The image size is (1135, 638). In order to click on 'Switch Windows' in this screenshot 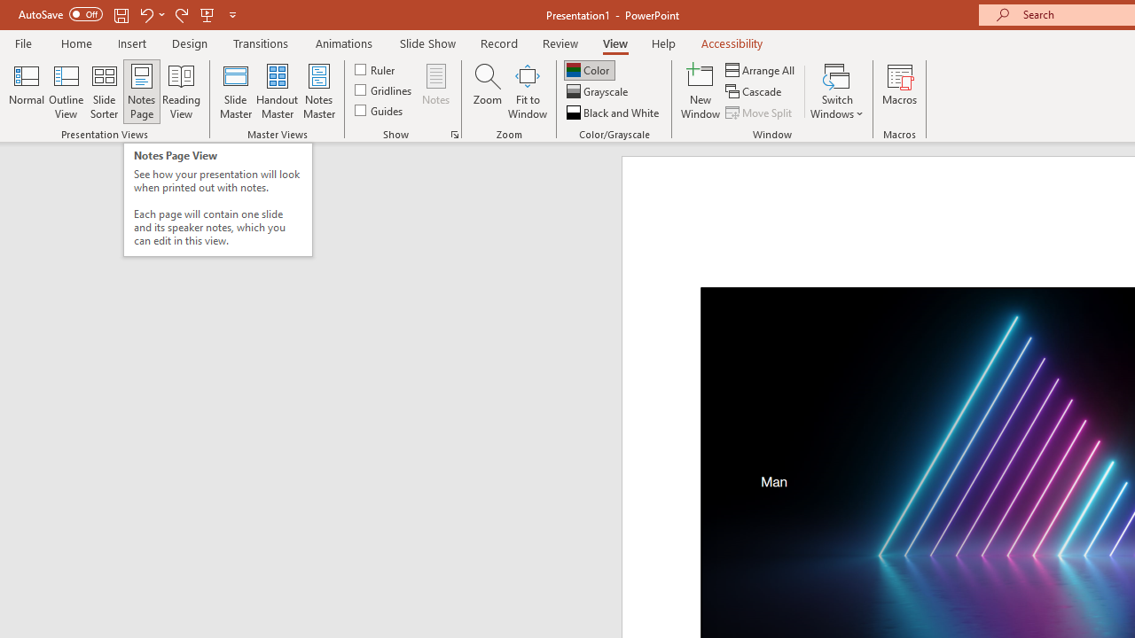, I will do `click(836, 91)`.